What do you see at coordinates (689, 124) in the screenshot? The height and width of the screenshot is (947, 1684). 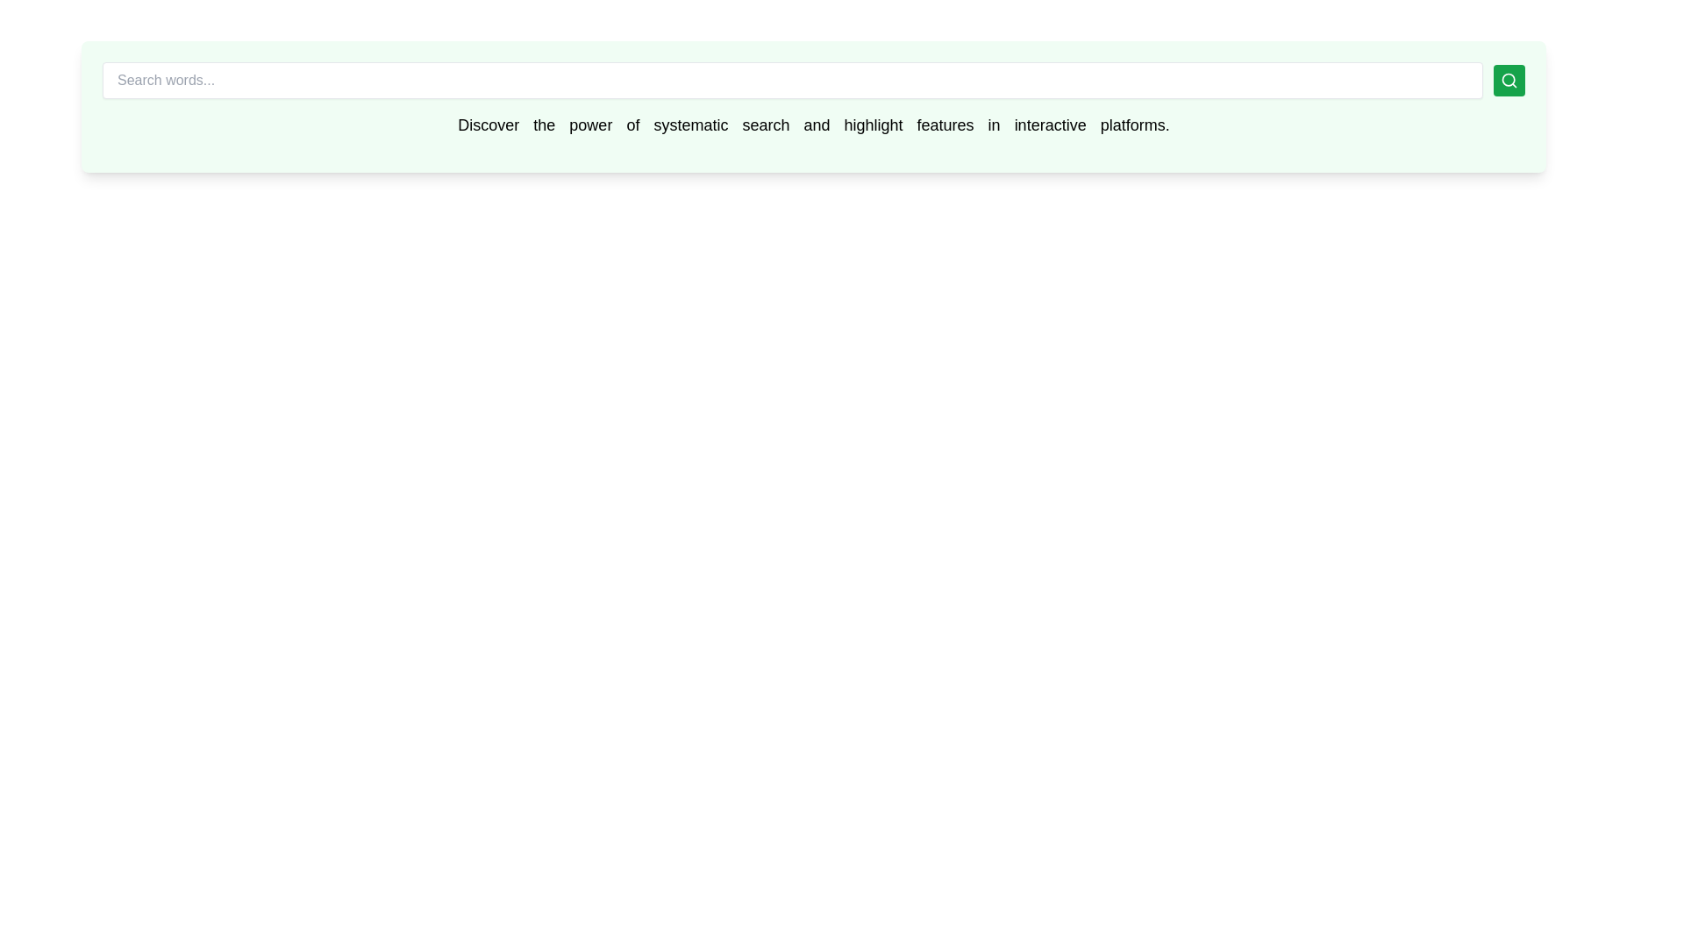 I see `the text block displaying the word 'systematic', which has a lighter green background on hover` at bounding box center [689, 124].